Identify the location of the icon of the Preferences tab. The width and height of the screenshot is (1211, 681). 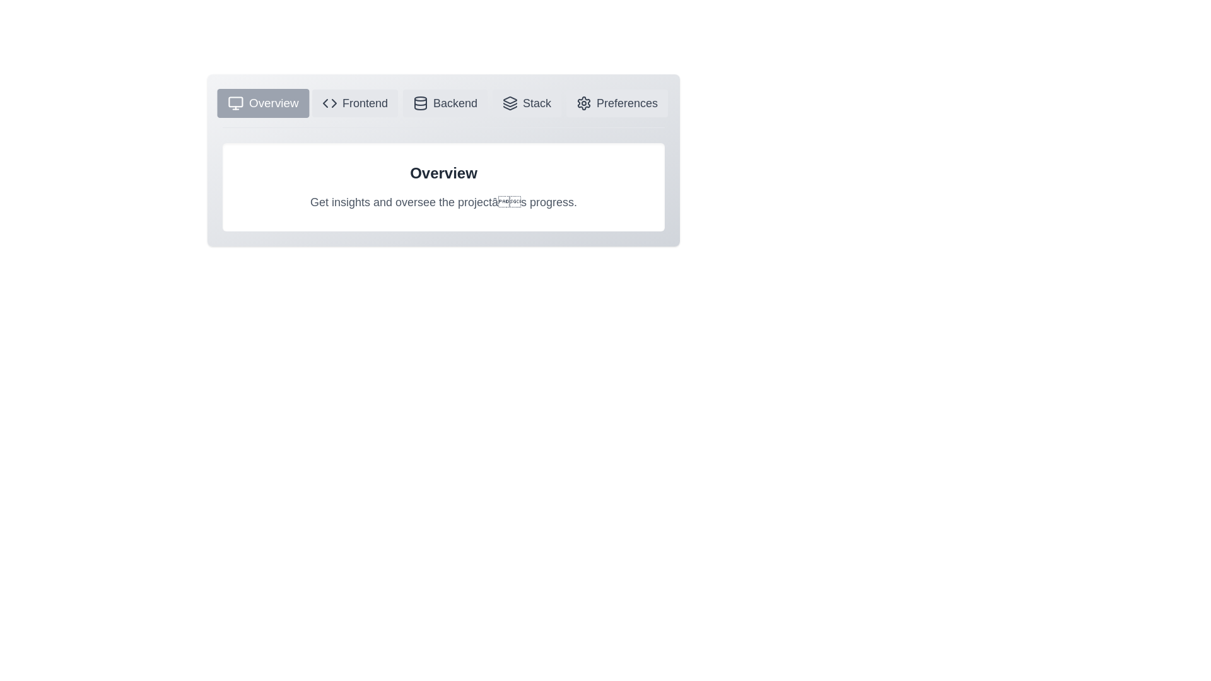
(617, 103).